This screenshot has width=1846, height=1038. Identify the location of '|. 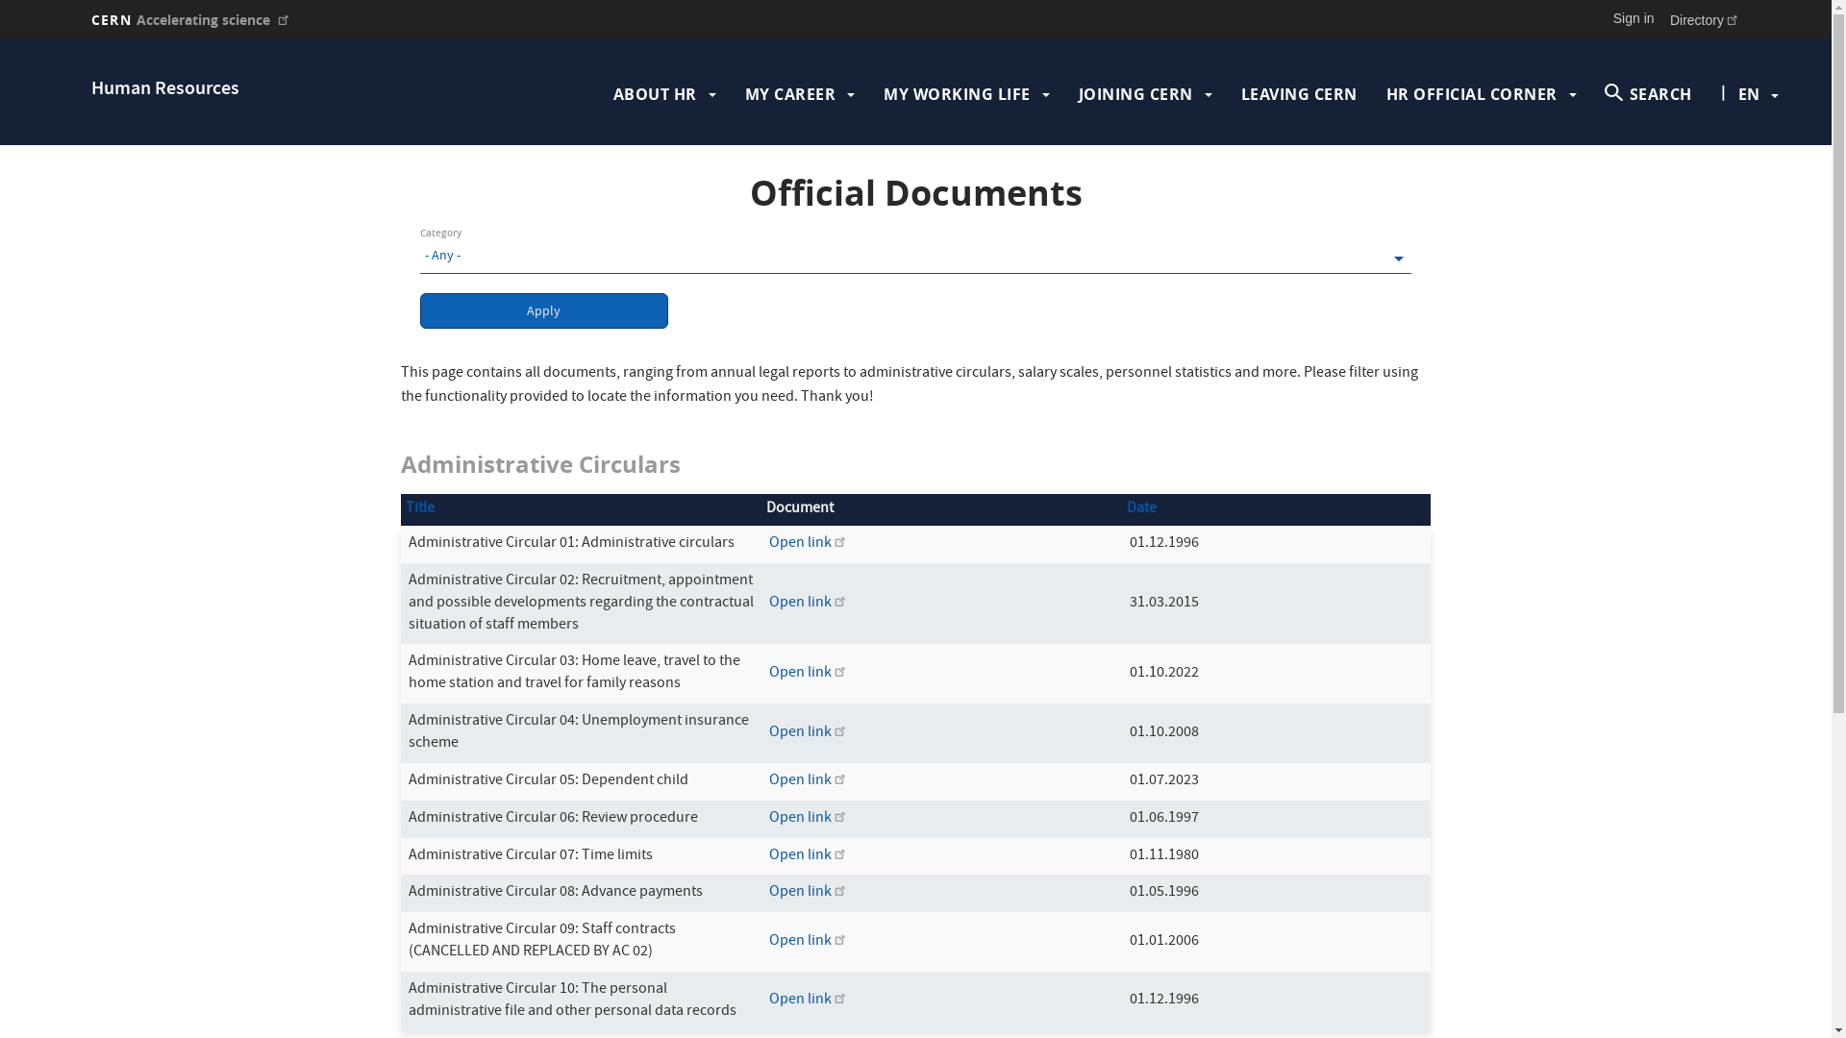
(1749, 93).